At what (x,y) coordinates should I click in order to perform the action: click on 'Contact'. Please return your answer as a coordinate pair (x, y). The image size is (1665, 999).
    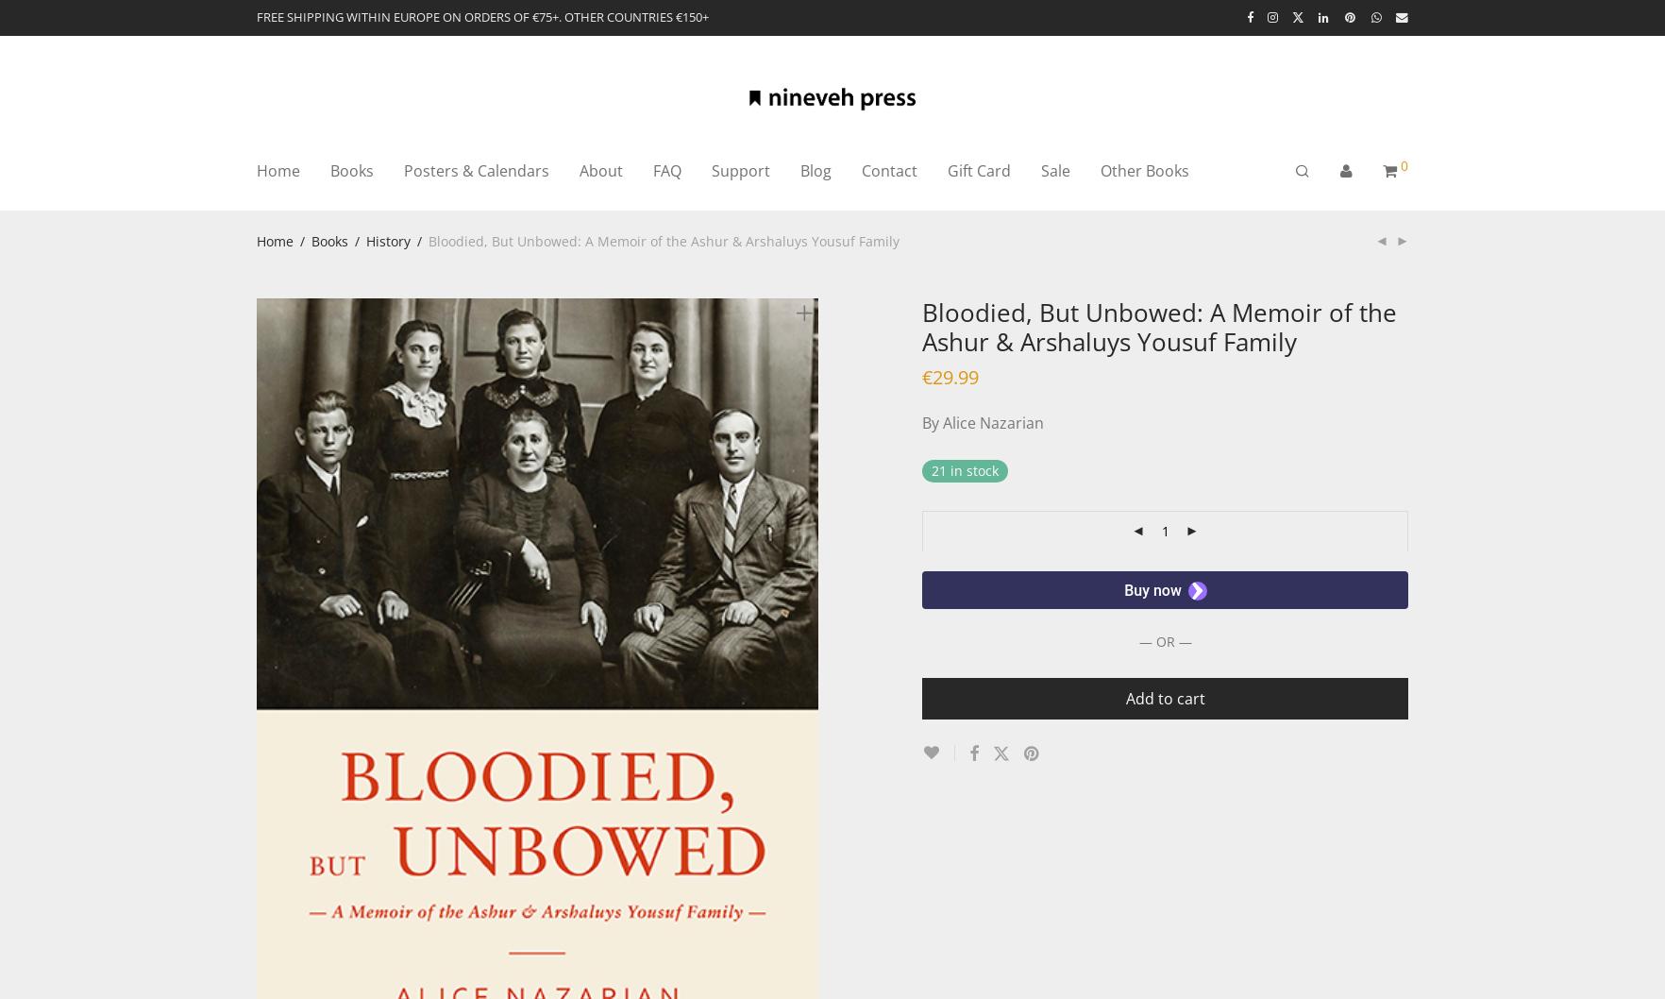
    Looking at the image, I should click on (862, 171).